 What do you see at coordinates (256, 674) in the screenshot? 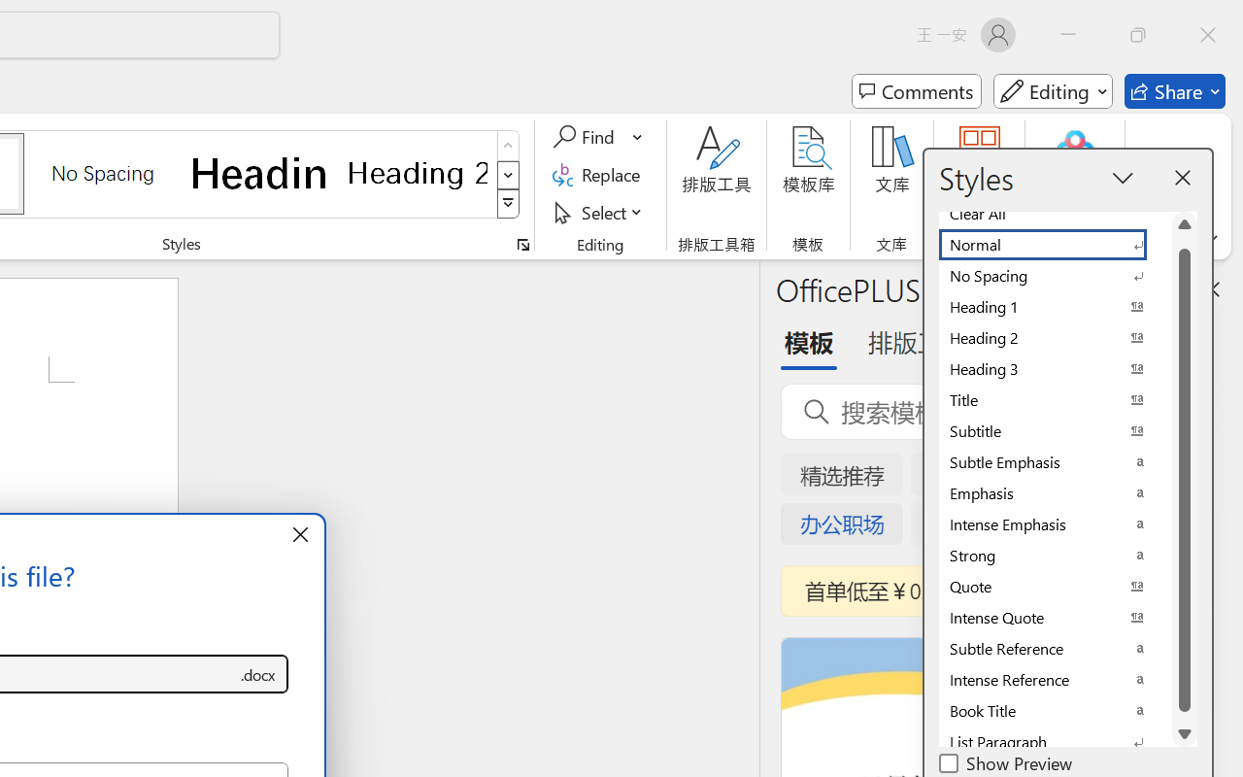
I see `'Save as type'` at bounding box center [256, 674].